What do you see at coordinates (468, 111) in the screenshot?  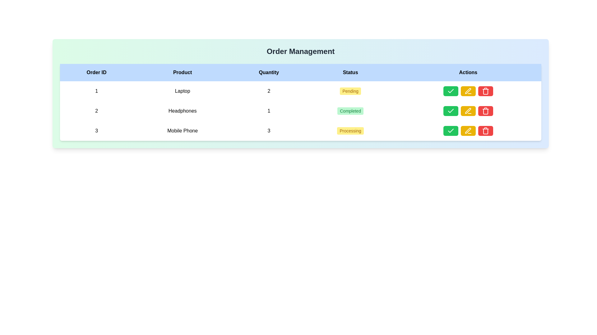 I see `any of the three interactive buttons in the 'Actions' column of the second row corresponding to the 'Headphones' order entry` at bounding box center [468, 111].